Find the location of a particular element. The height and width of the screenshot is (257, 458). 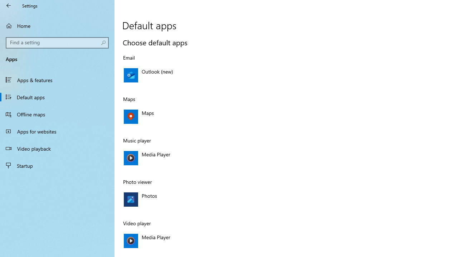

'Home' is located at coordinates (57, 25).